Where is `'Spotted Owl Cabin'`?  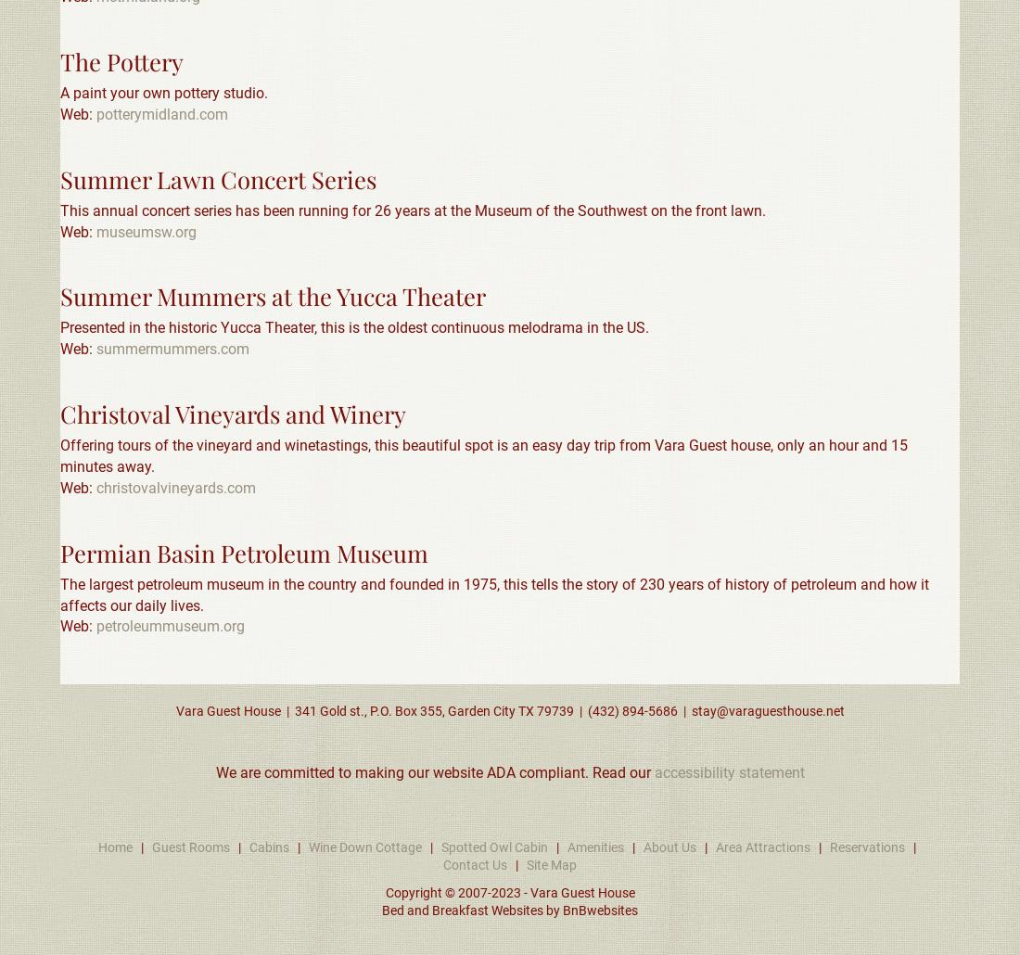
'Spotted Owl Cabin' is located at coordinates (494, 846).